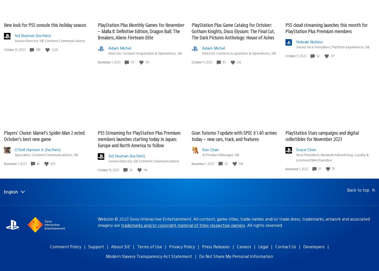 The width and height of the screenshot is (379, 271). I want to click on 'MakaiOokami', so click(80, 145).